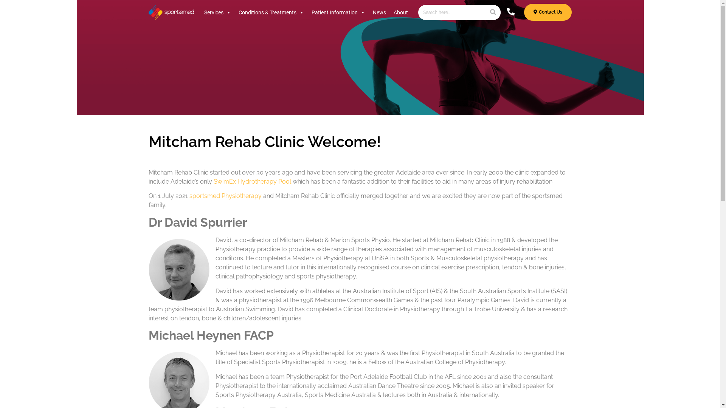 Image resolution: width=726 pixels, height=408 pixels. Describe the element at coordinates (400, 12) in the screenshot. I see `'About'` at that location.